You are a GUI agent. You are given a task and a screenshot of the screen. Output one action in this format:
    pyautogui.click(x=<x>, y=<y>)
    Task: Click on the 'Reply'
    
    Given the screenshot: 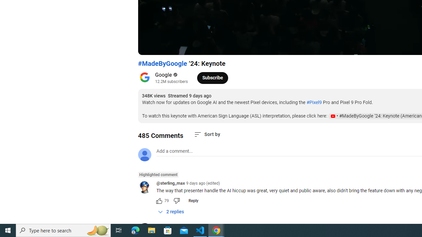 What is the action you would take?
    pyautogui.click(x=193, y=200)
    